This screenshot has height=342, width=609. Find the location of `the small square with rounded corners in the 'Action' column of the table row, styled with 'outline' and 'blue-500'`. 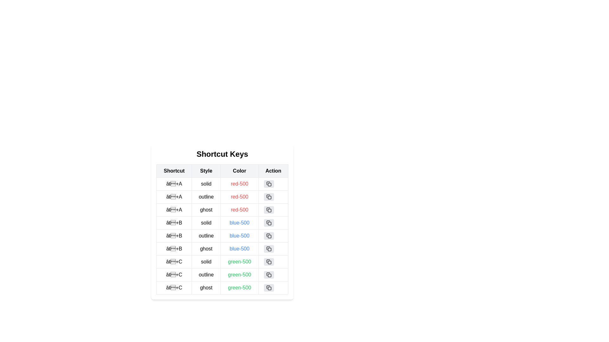

the small square with rounded corners in the 'Action' column of the table row, styled with 'outline' and 'blue-500' is located at coordinates (269, 237).